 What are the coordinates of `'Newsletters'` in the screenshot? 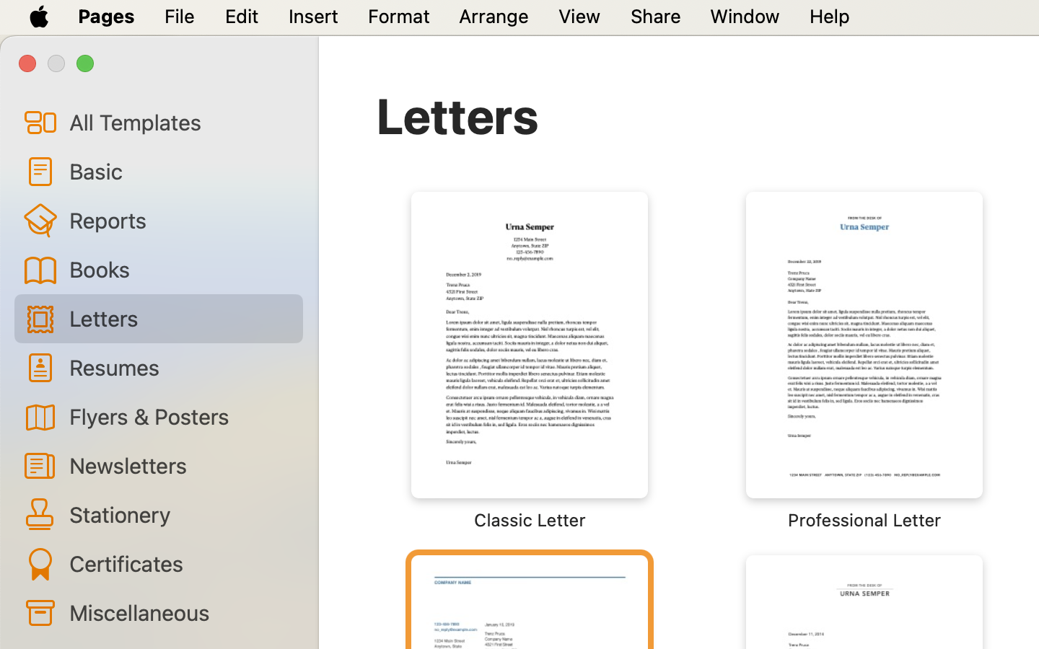 It's located at (179, 465).